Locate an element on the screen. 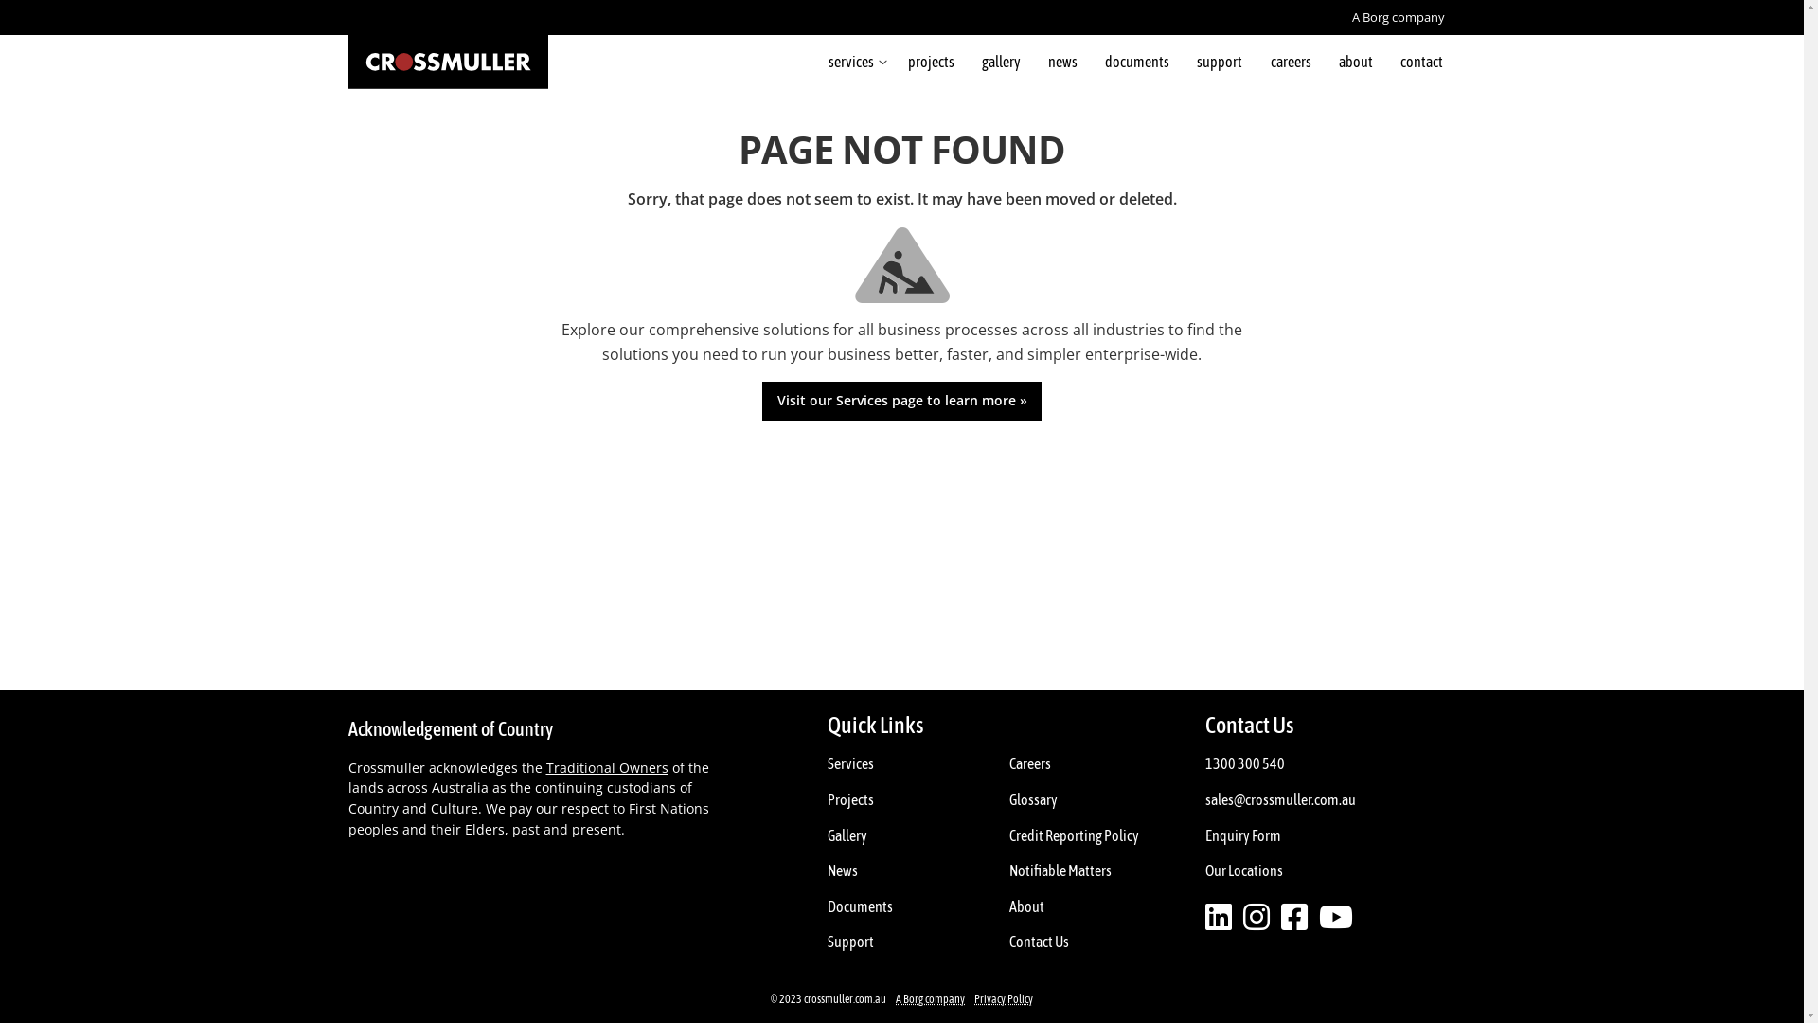  'Glossary' is located at coordinates (1003, 799).